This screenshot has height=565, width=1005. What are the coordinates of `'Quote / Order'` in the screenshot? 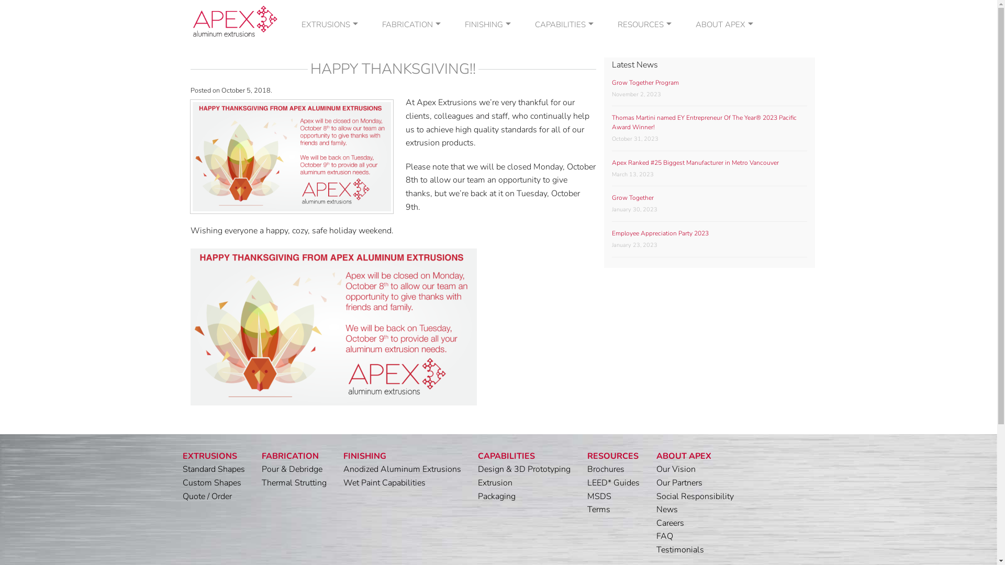 It's located at (206, 495).